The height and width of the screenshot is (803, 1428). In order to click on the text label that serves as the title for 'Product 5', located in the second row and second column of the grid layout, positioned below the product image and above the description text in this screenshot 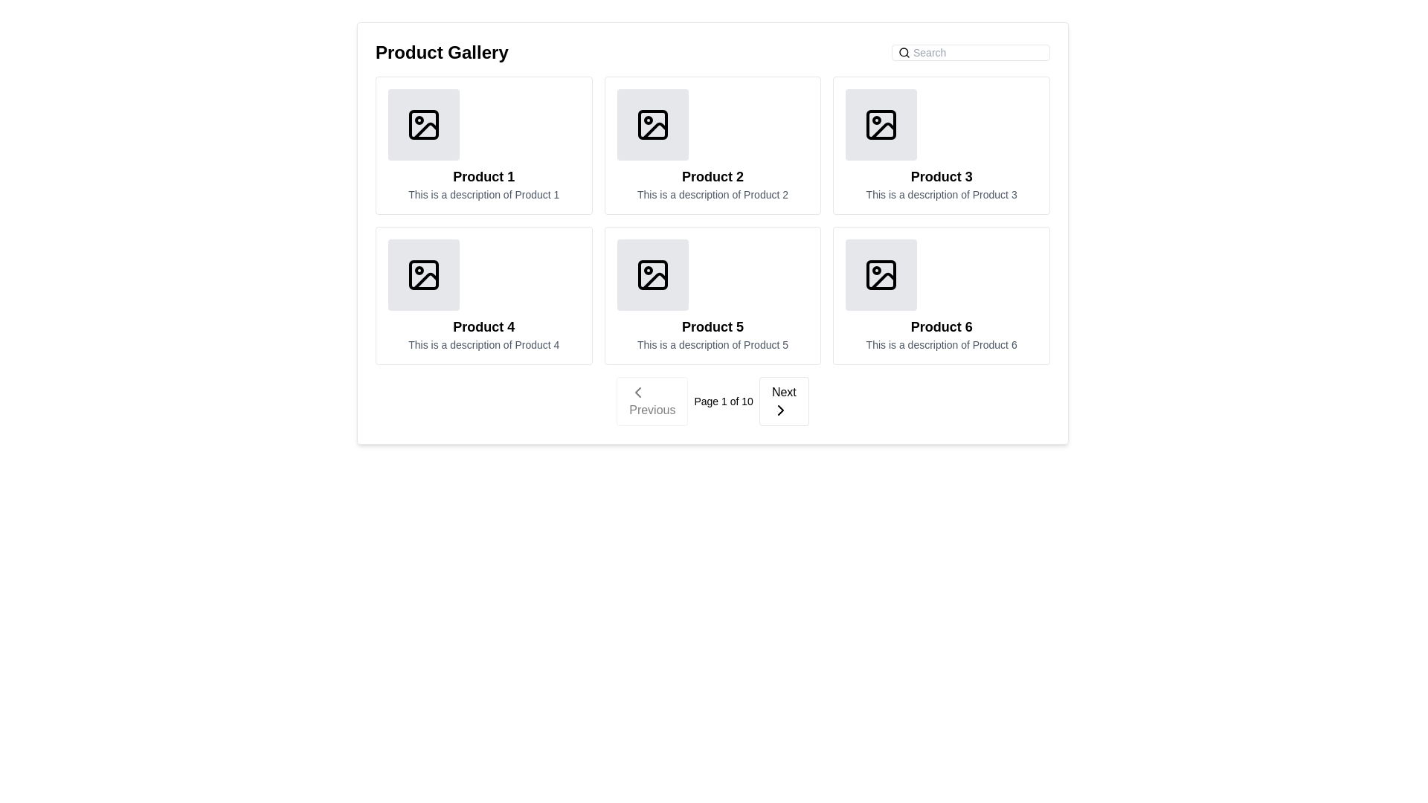, I will do `click(712, 326)`.